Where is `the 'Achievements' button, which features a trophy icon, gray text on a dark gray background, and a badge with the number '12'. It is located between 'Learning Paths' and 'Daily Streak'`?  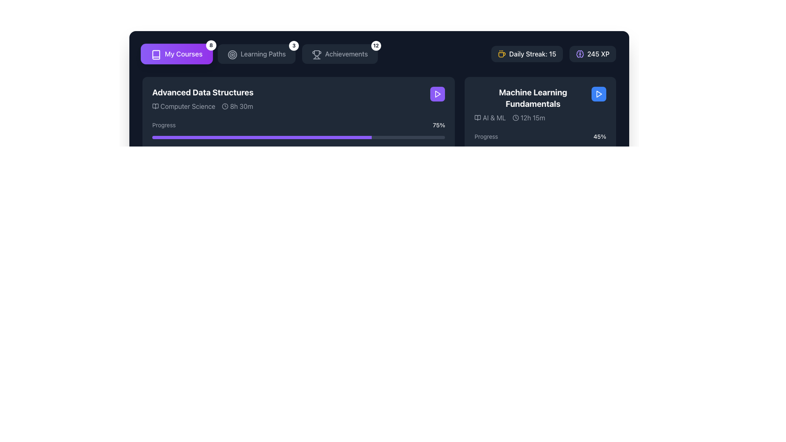
the 'Achievements' button, which features a trophy icon, gray text on a dark gray background, and a badge with the number '12'. It is located between 'Learning Paths' and 'Daily Streak' is located at coordinates (340, 54).